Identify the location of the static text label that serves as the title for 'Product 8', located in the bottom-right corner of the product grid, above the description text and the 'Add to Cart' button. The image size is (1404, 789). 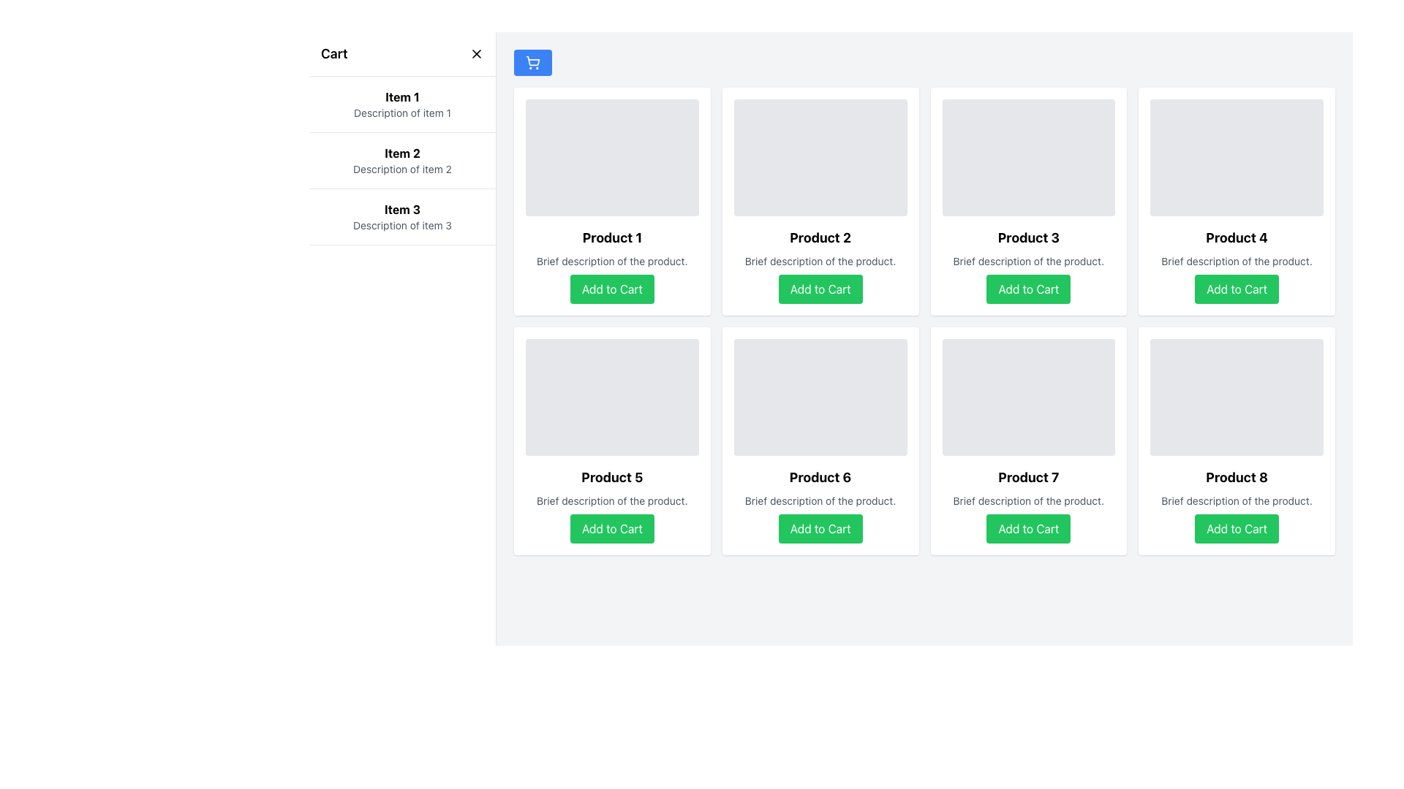
(1236, 478).